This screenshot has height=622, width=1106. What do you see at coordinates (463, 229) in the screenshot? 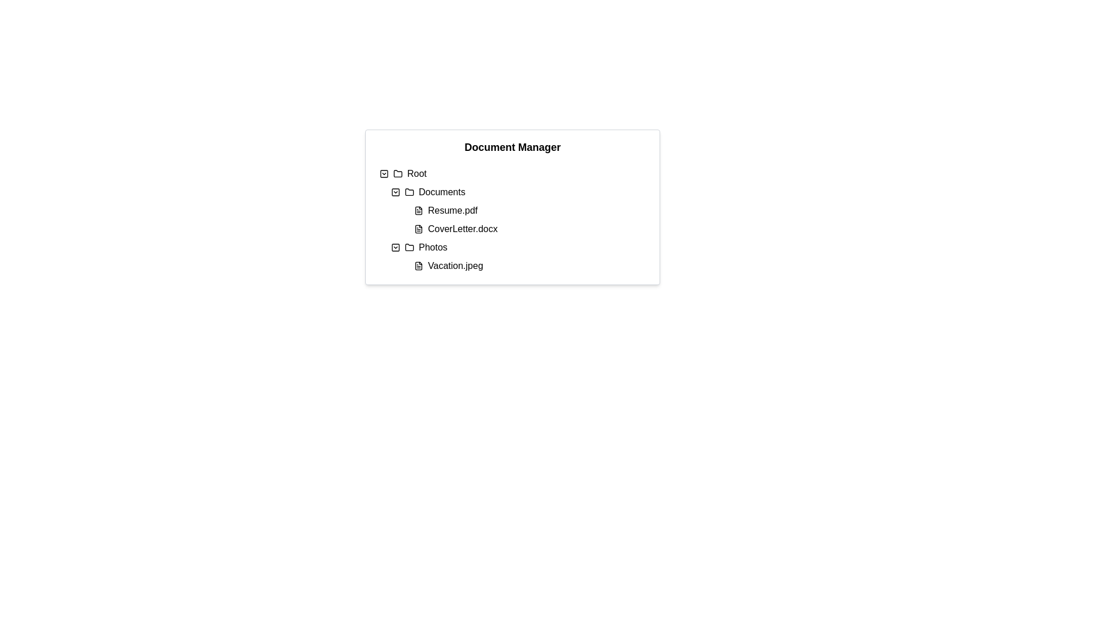
I see `the Static Text Label displaying 'CoverLetter.docx' in the document manager interface` at bounding box center [463, 229].